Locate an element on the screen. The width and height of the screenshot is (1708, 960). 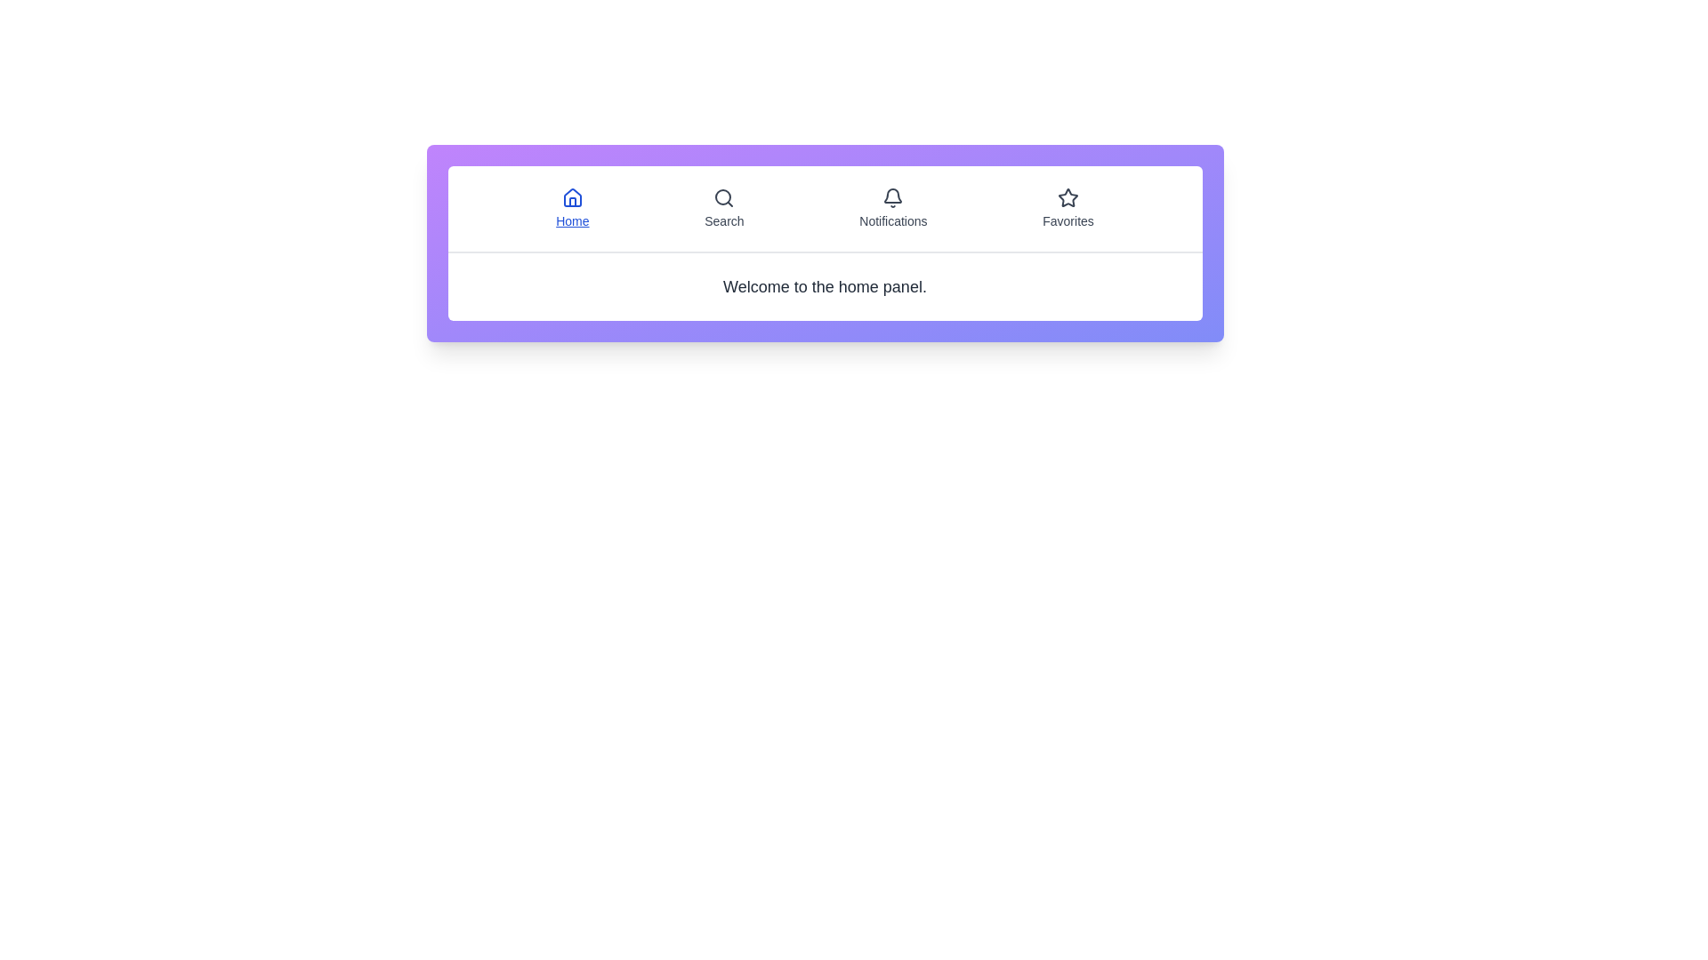
the tab labeled Favorites is located at coordinates (1067, 208).